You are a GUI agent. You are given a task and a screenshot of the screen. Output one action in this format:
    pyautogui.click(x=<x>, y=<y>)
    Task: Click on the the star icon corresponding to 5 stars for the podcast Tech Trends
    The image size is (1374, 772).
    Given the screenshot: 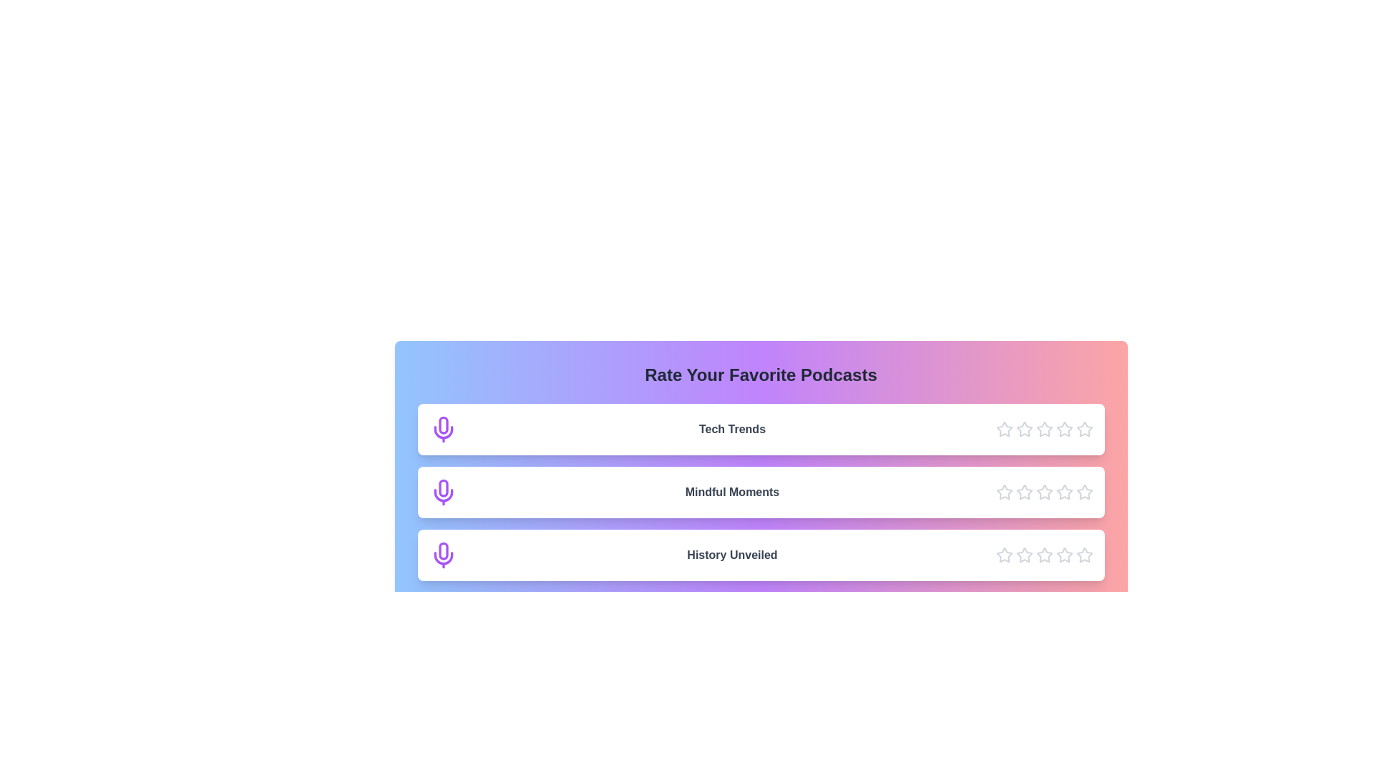 What is the action you would take?
    pyautogui.click(x=1084, y=429)
    